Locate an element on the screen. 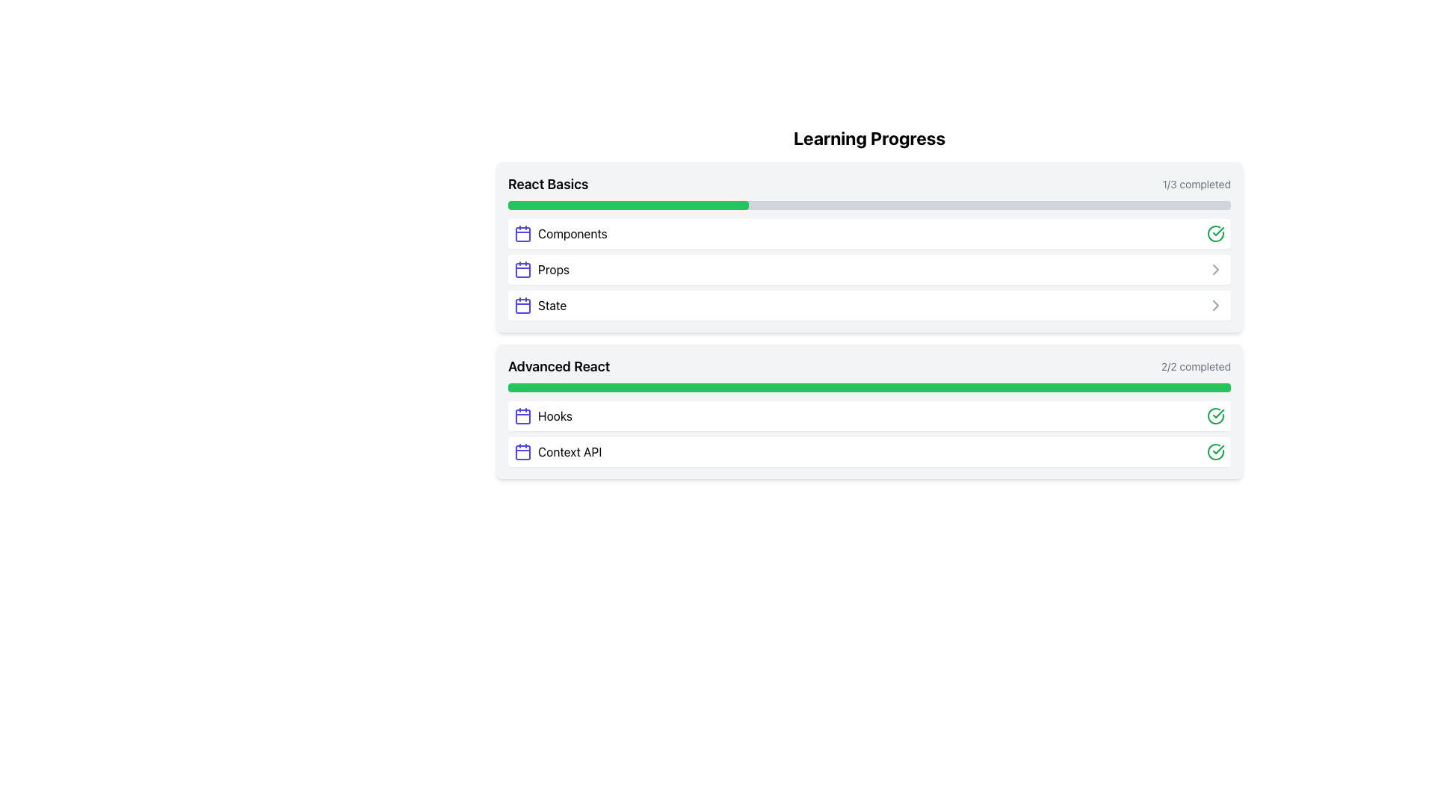 This screenshot has width=1435, height=807. the 'Components' title in the navigation section is located at coordinates (560, 233).